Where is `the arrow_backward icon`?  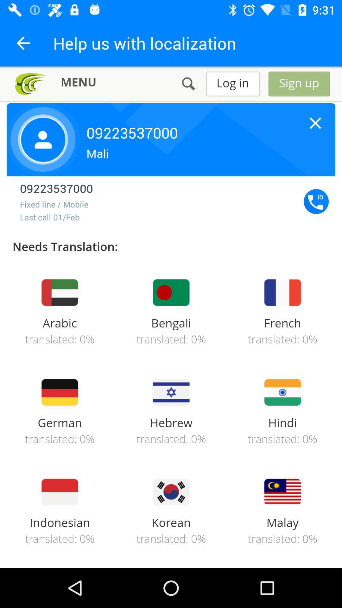
the arrow_backward icon is located at coordinates (23, 43).